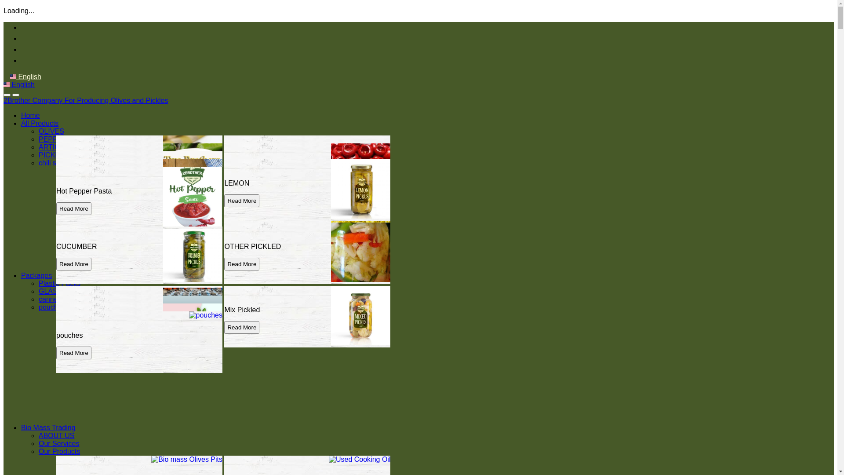 This screenshot has width=844, height=475. What do you see at coordinates (56, 174) in the screenshot?
I see `'JALAPENO PEPPER` at bounding box center [56, 174].